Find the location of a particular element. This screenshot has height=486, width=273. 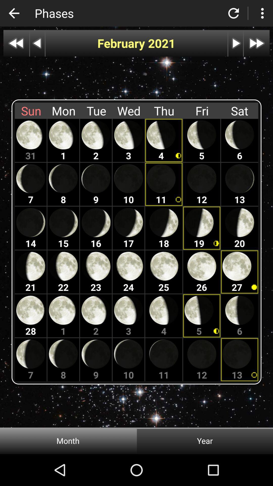

go back is located at coordinates (16, 43).